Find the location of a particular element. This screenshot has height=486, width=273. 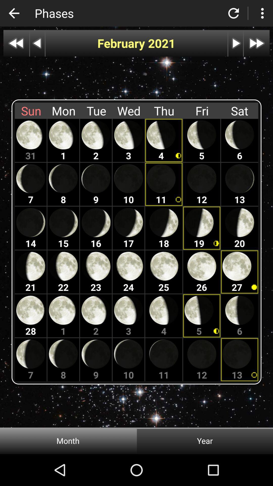

go back is located at coordinates (16, 43).